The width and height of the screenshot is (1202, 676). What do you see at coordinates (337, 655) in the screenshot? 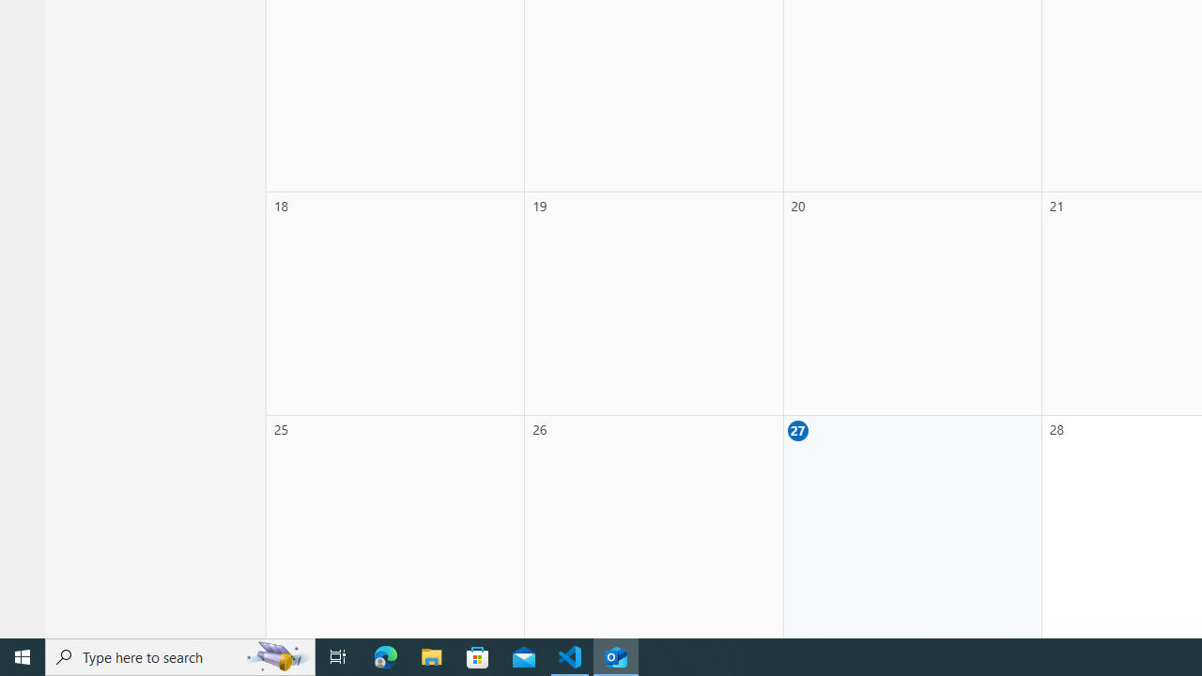
I see `'Task View'` at bounding box center [337, 655].